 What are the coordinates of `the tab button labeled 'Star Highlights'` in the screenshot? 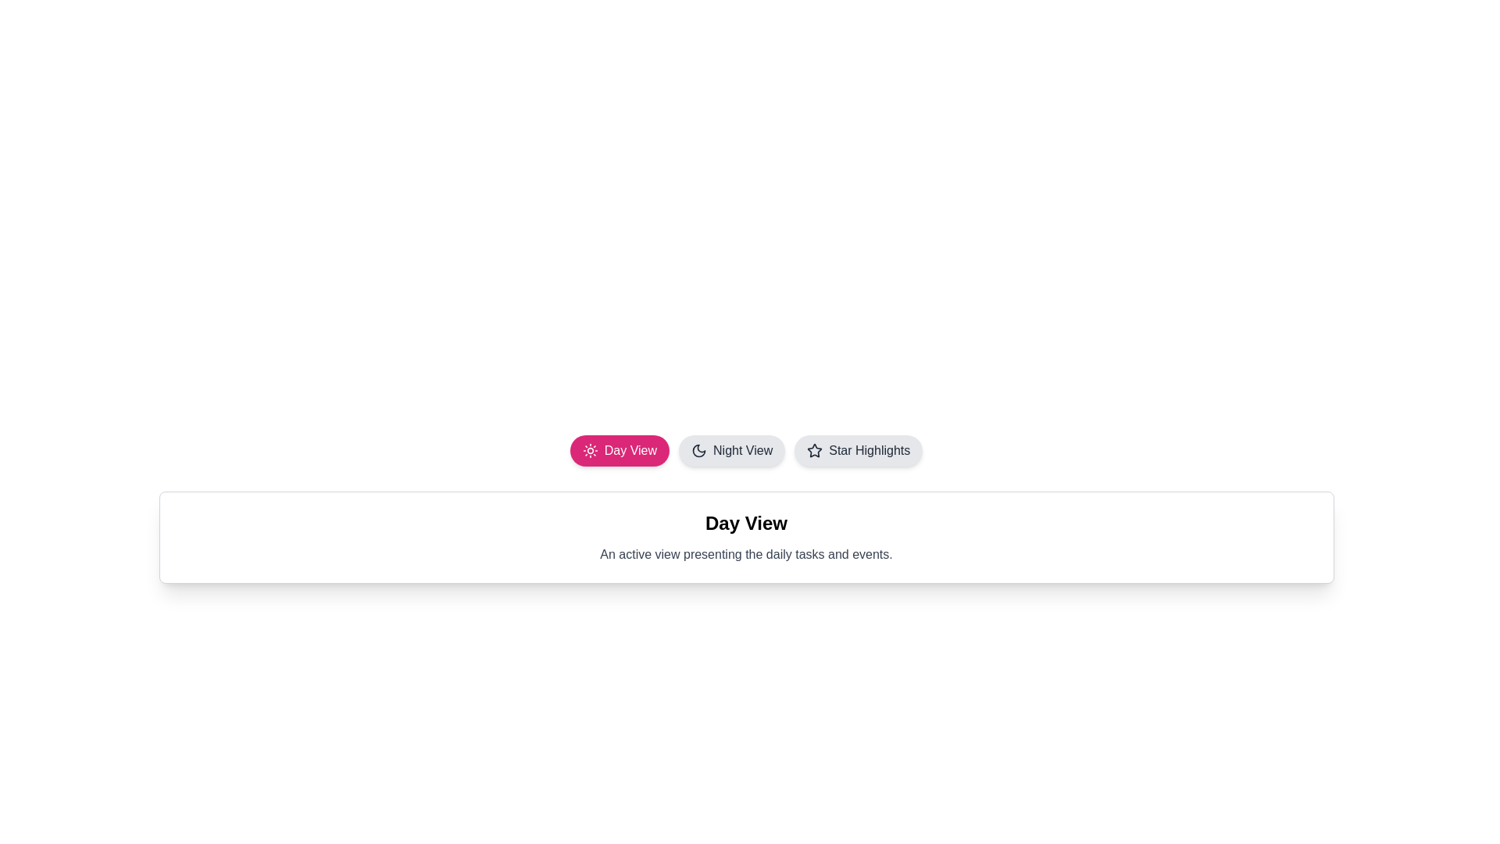 It's located at (858, 451).